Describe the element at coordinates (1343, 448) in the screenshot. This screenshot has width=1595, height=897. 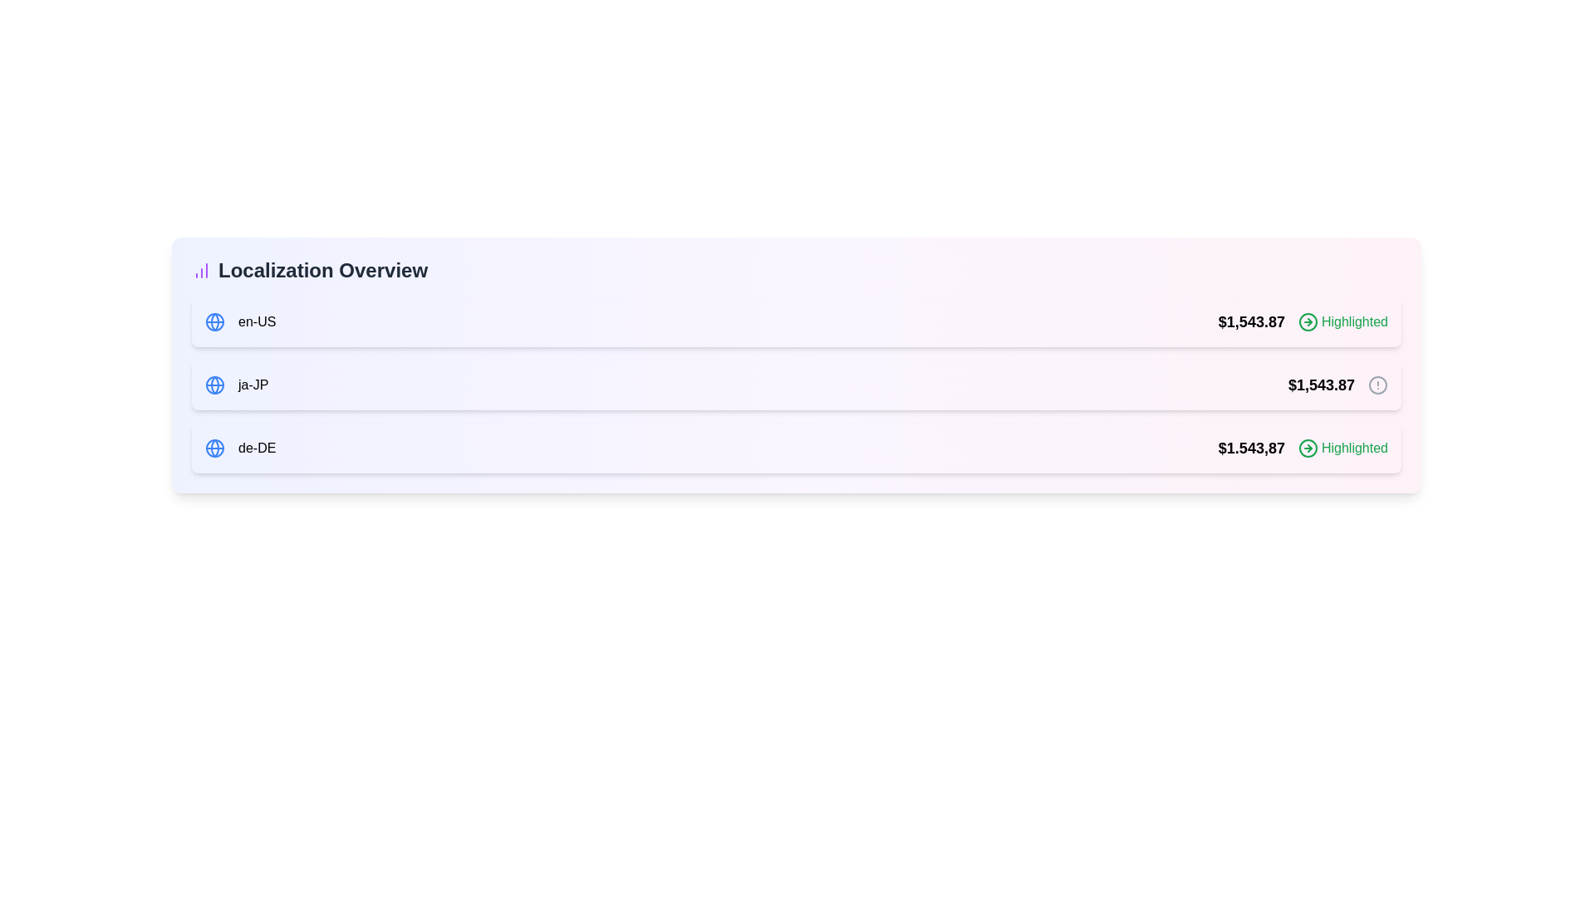
I see `the 'Highlighted' label with a green color and a circular arrow icon on its left side, located in the third entry of the list, adjacent to the value '$1,543.87'` at that location.